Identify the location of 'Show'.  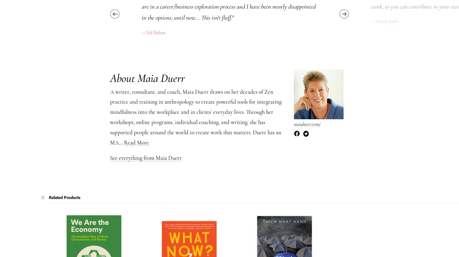
(348, 38).